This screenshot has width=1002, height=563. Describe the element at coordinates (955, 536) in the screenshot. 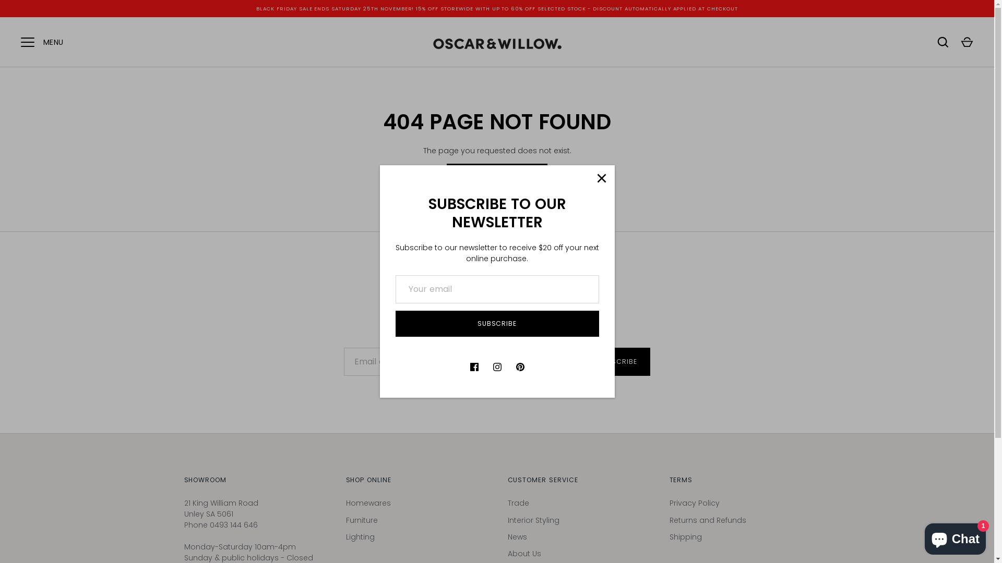

I see `'Shopify online store chat'` at that location.